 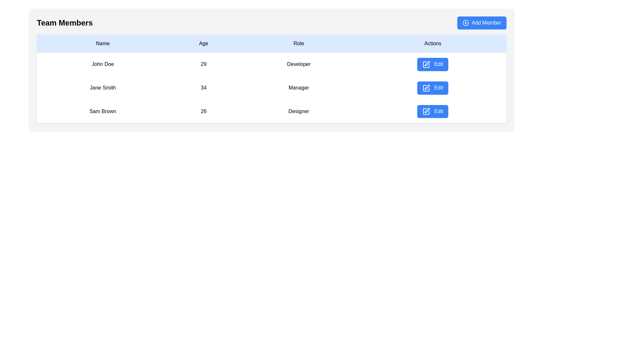 I want to click on the 'Edit' button with a blue background and white text labeled 'Edit' located in the last row of the 'Actions' column, so click(x=433, y=111).